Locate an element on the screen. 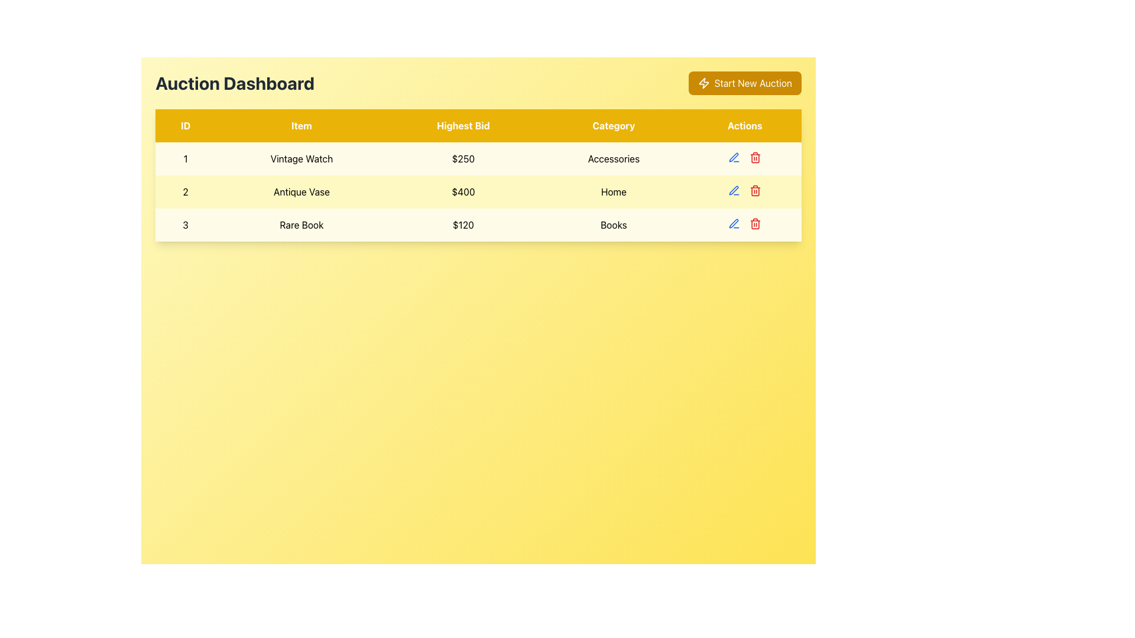  the red trash bin icon in the 'Actions' column of the table row for 'Antique Vase' is located at coordinates (755, 190).